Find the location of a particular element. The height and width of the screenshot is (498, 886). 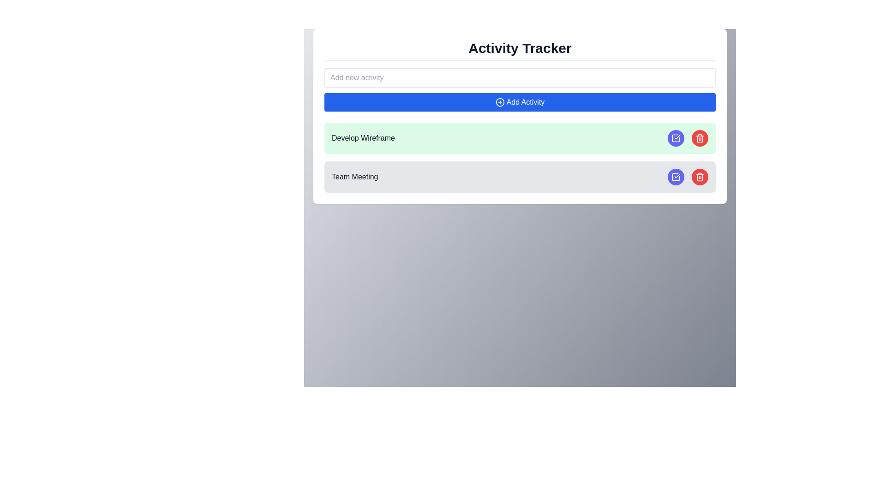

the button that marks the task as completed, located as the first action button on the right side of the task row is located at coordinates (676, 138).